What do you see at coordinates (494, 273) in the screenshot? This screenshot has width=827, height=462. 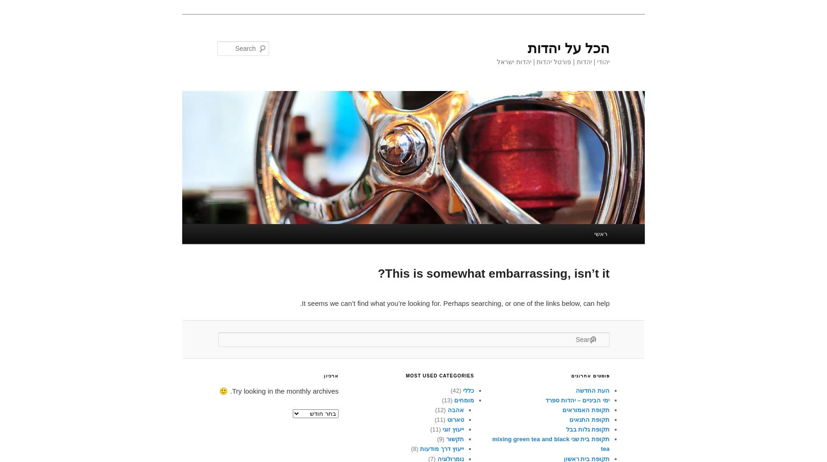 I see `'This is somewhat embarrassing, isn’t it?'` at bounding box center [494, 273].